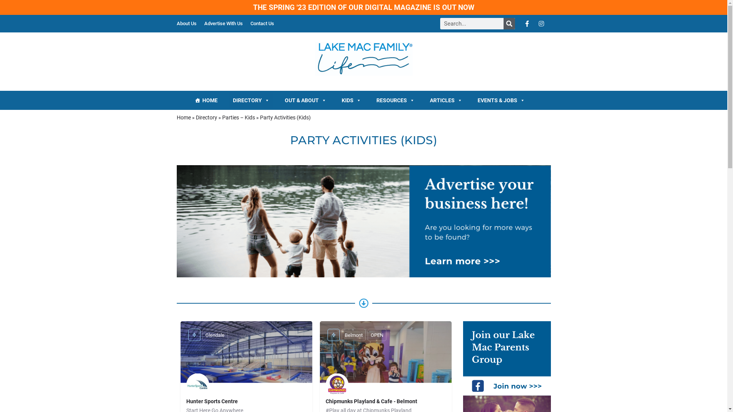 This screenshot has width=733, height=412. I want to click on 'THE SPRING '23 EDITION OF OUR DIGITAL MAGAZINE IS OUT NOW', so click(363, 7).